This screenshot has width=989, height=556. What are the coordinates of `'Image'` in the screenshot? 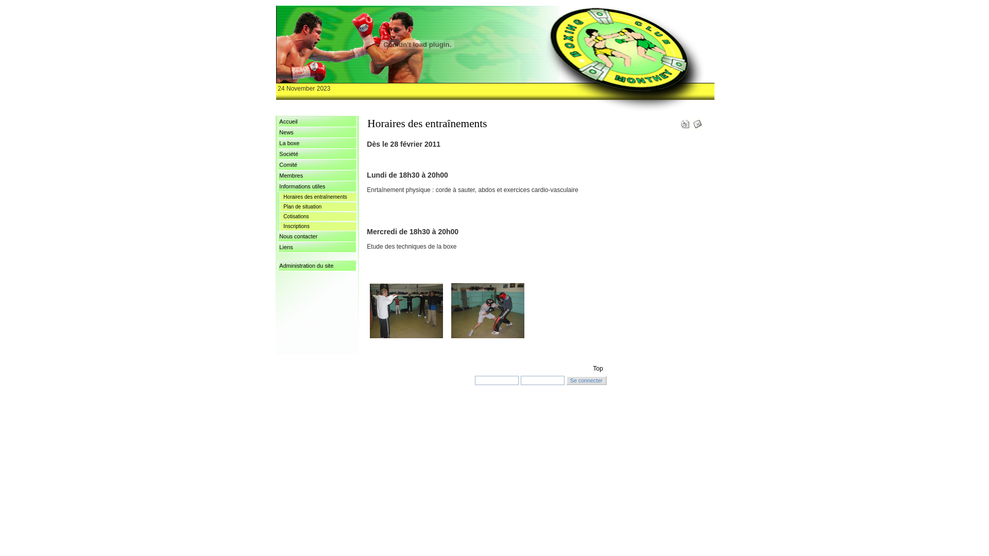 It's located at (487, 310).